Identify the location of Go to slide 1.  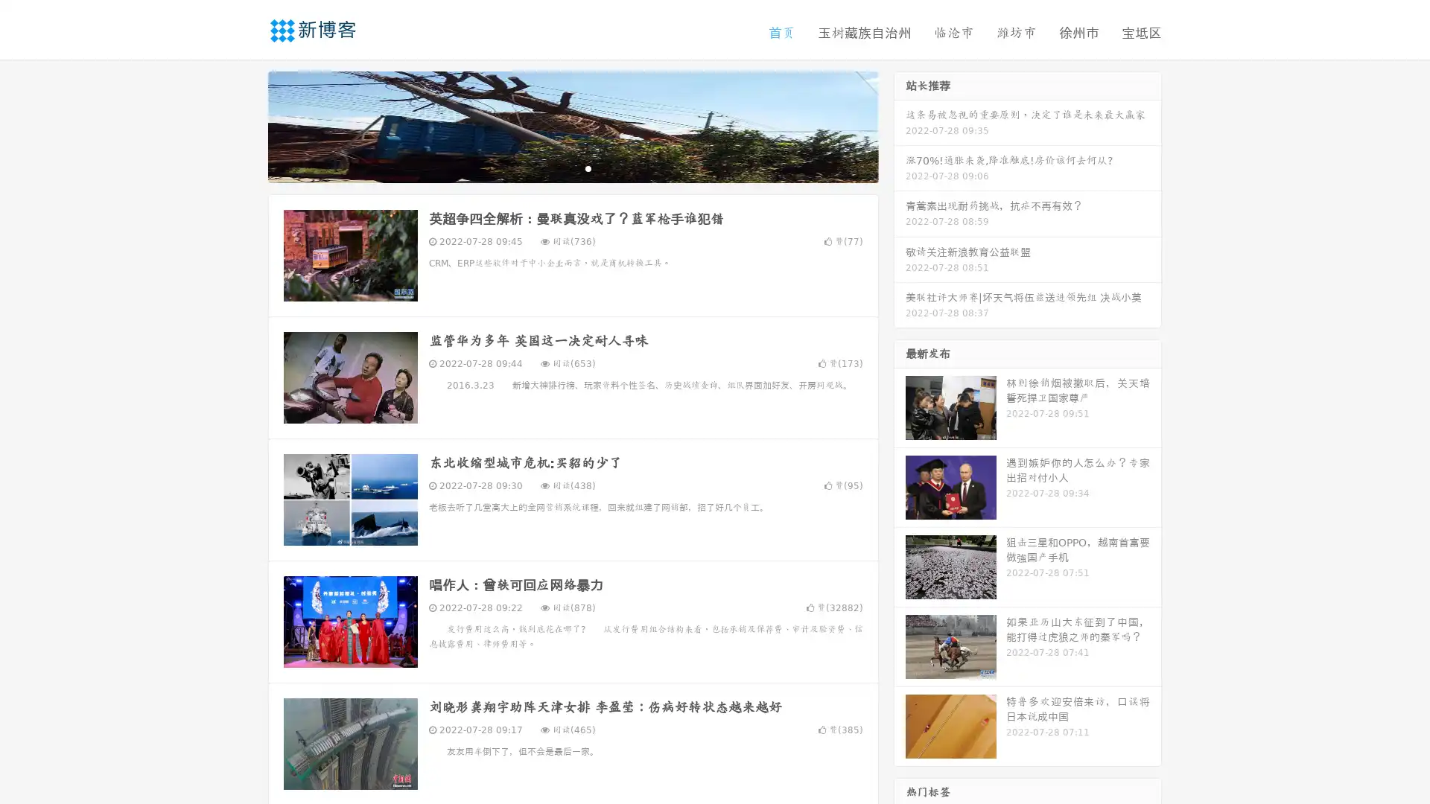
(557, 167).